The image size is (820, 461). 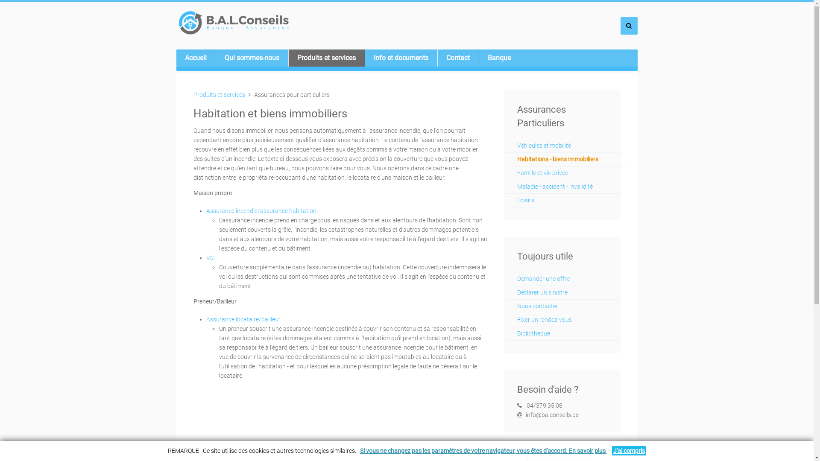 I want to click on 'Assurance incendie/assurance habitation', so click(x=260, y=210).